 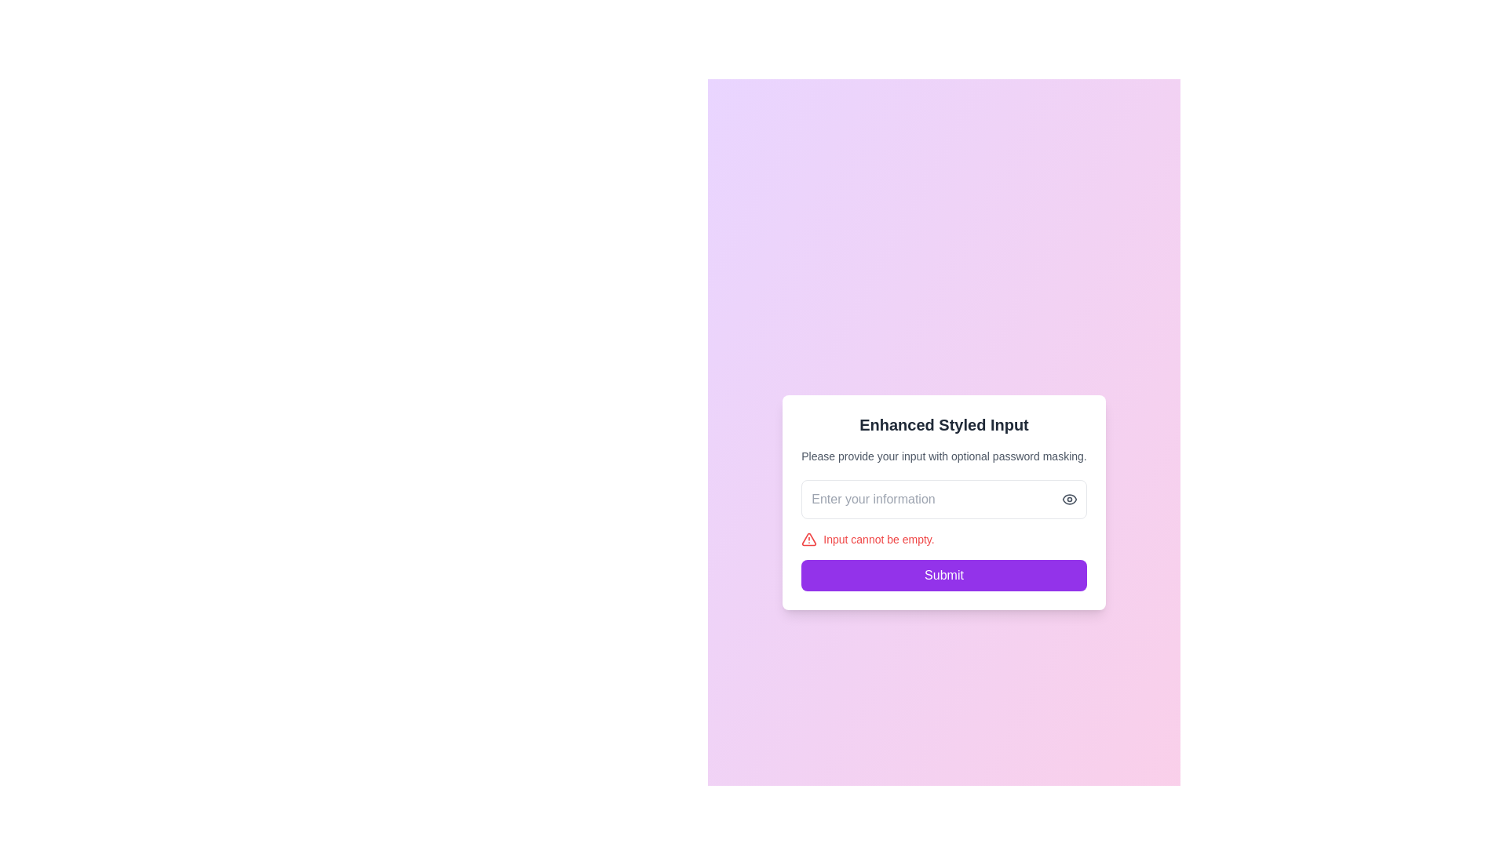 What do you see at coordinates (878, 538) in the screenshot?
I see `the feedback text label indicating that the input field should not be left empty` at bounding box center [878, 538].